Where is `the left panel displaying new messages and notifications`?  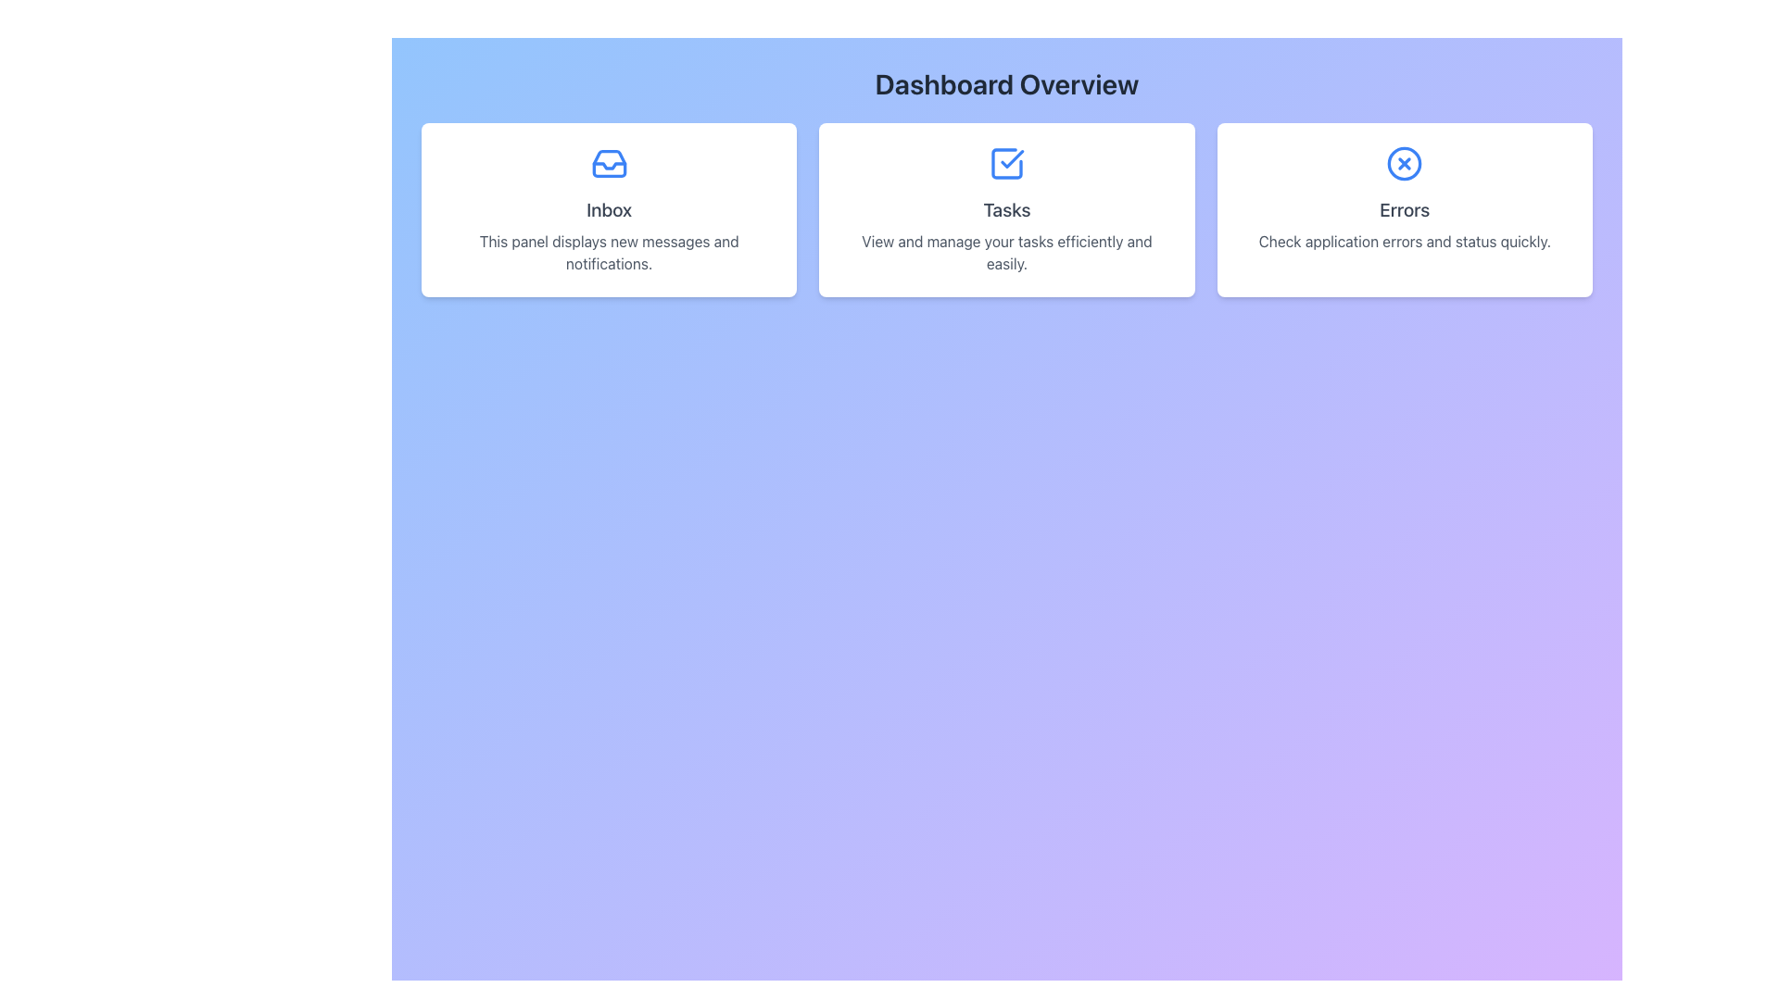 the left panel displaying new messages and notifications is located at coordinates (609, 209).